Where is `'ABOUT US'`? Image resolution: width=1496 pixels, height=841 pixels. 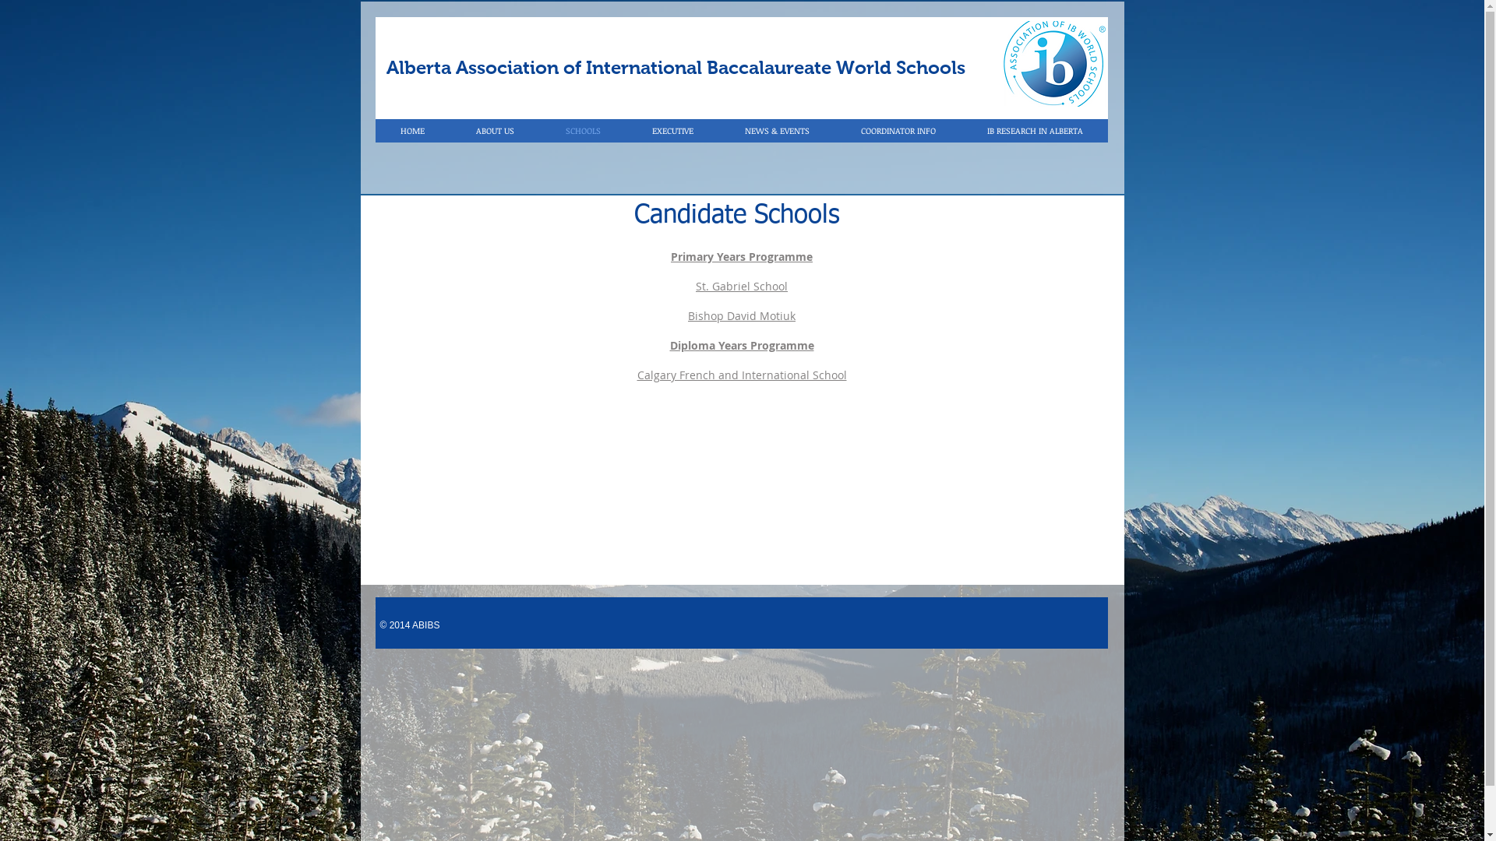
'ABOUT US' is located at coordinates (494, 130).